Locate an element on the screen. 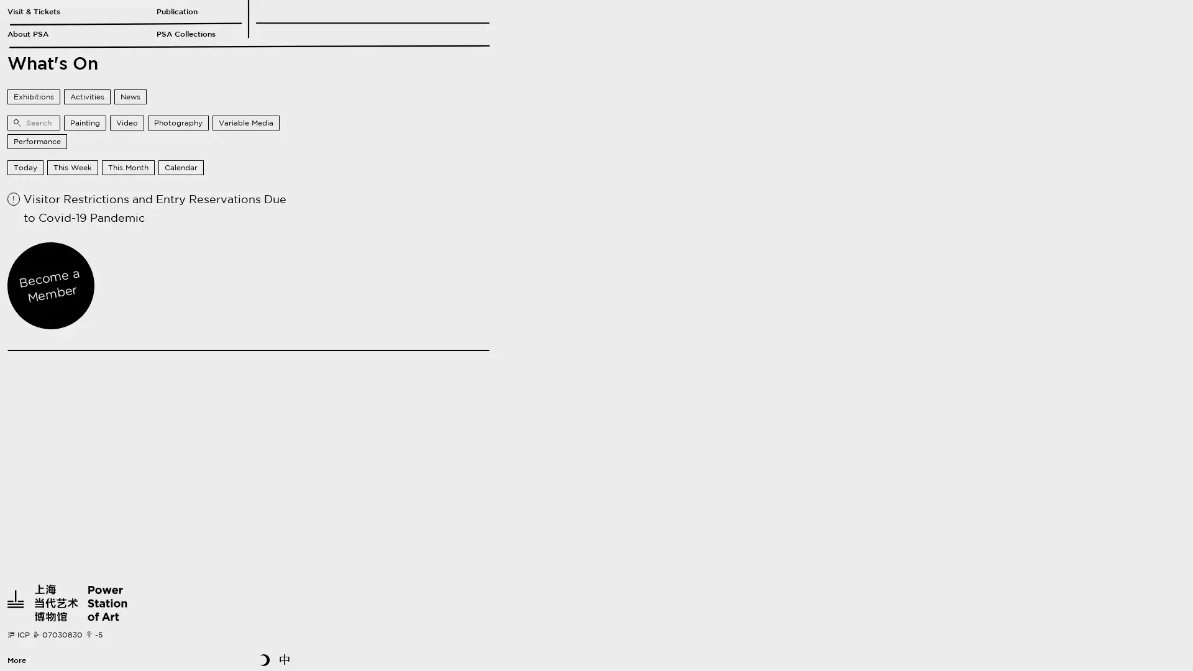  Calendar is located at coordinates (180, 168).